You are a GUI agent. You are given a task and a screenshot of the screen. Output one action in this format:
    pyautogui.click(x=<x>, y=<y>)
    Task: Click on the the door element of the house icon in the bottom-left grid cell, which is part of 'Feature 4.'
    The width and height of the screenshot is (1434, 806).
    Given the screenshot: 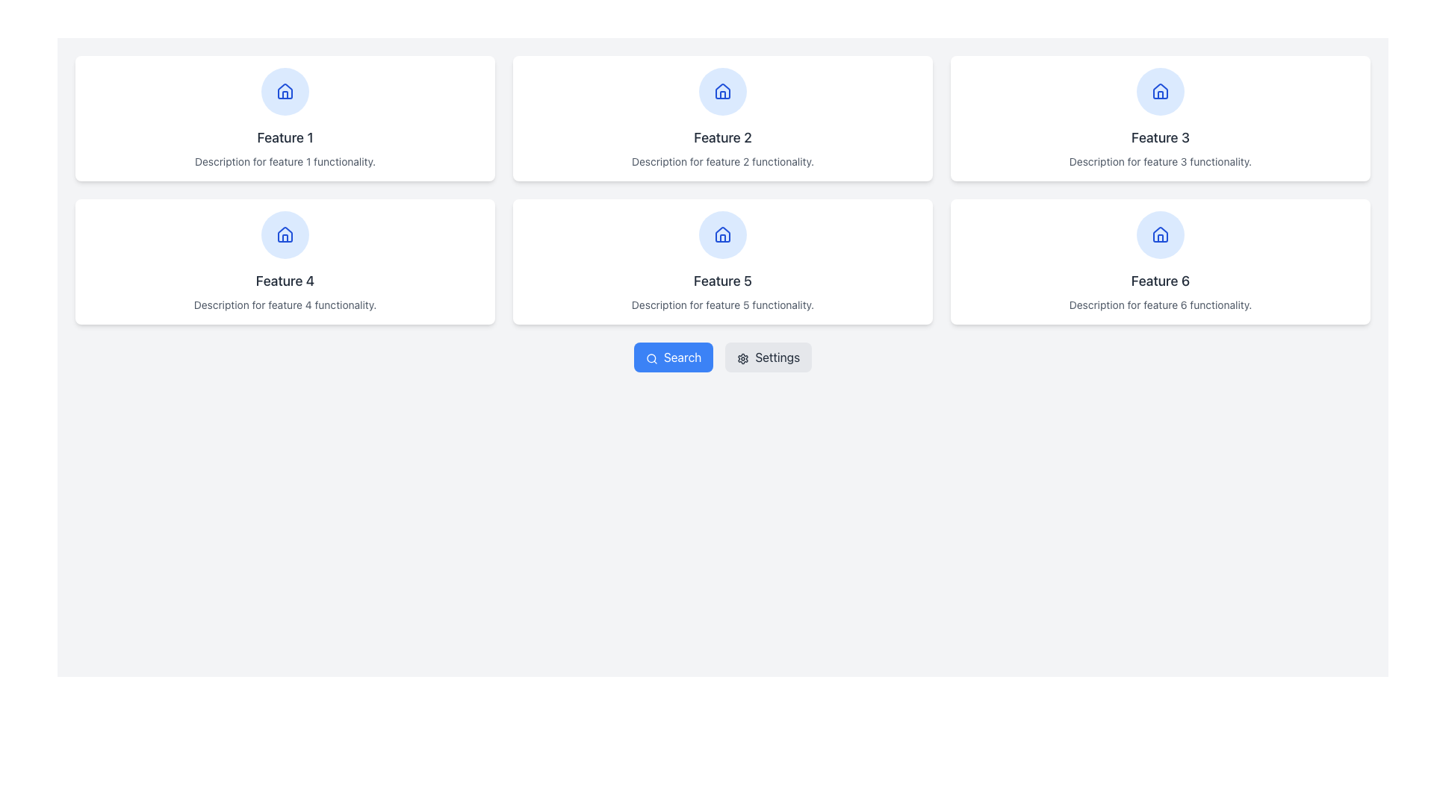 What is the action you would take?
    pyautogui.click(x=285, y=237)
    